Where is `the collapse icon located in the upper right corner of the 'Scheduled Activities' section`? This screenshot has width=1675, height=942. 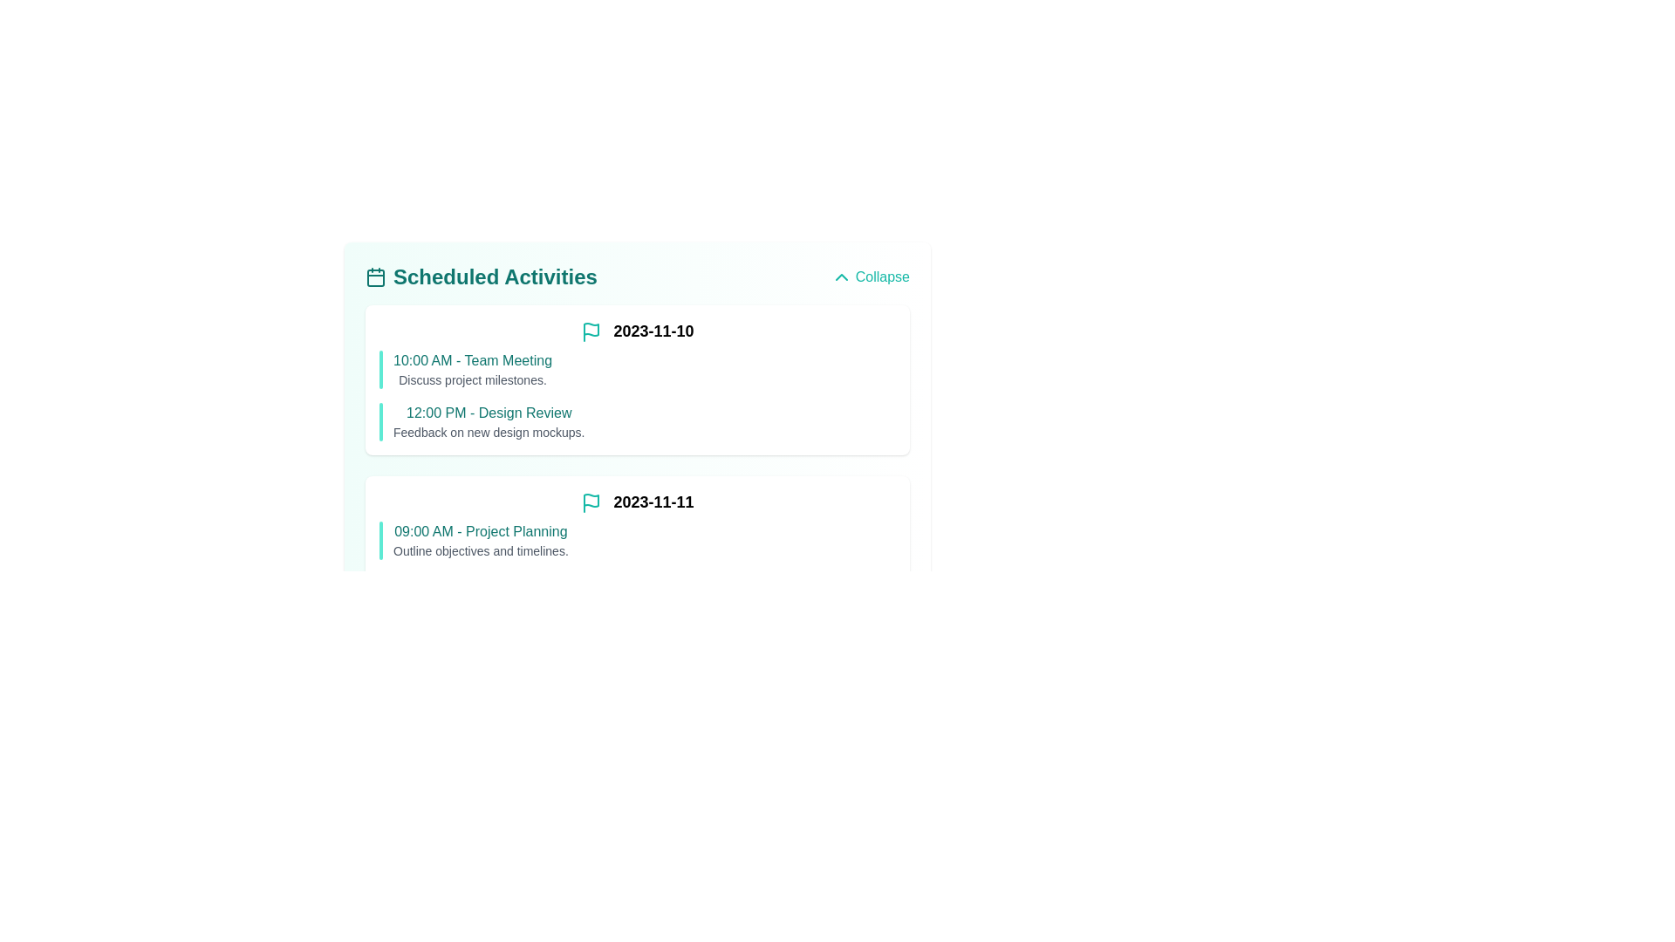
the collapse icon located in the upper right corner of the 'Scheduled Activities' section is located at coordinates (841, 276).